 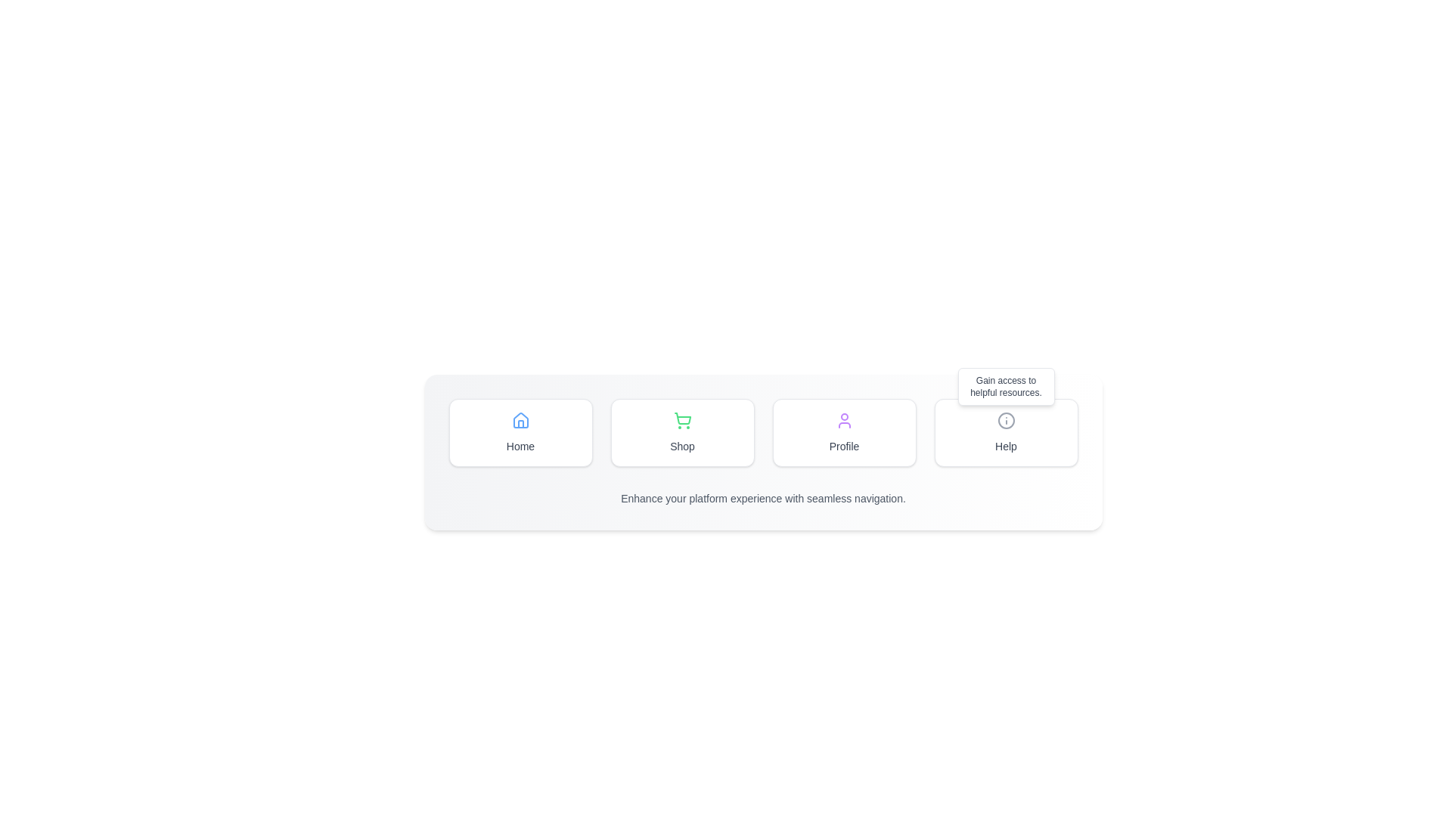 What do you see at coordinates (763, 451) in the screenshot?
I see `the 'Shop' button in the navigation bar` at bounding box center [763, 451].